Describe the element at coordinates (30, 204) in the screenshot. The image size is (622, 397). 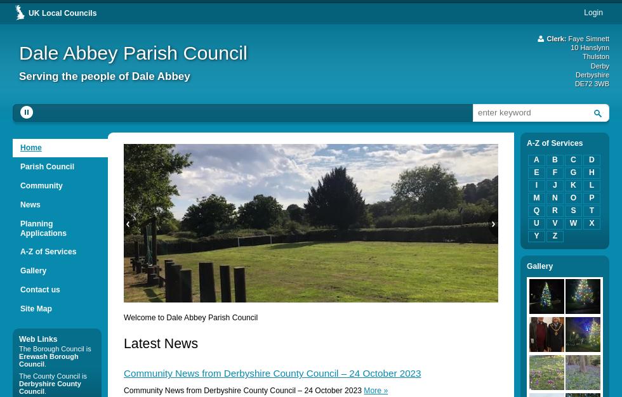
I see `'News'` at that location.